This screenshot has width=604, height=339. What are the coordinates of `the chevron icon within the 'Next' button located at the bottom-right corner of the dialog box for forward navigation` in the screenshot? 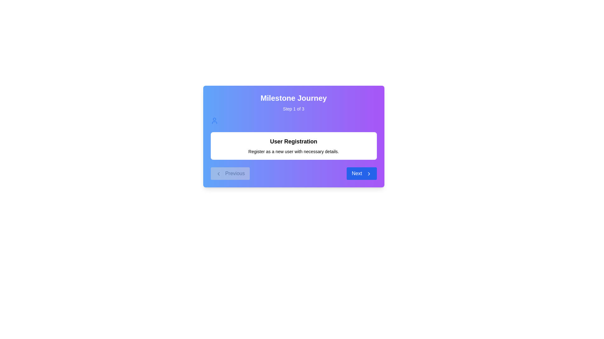 It's located at (369, 174).